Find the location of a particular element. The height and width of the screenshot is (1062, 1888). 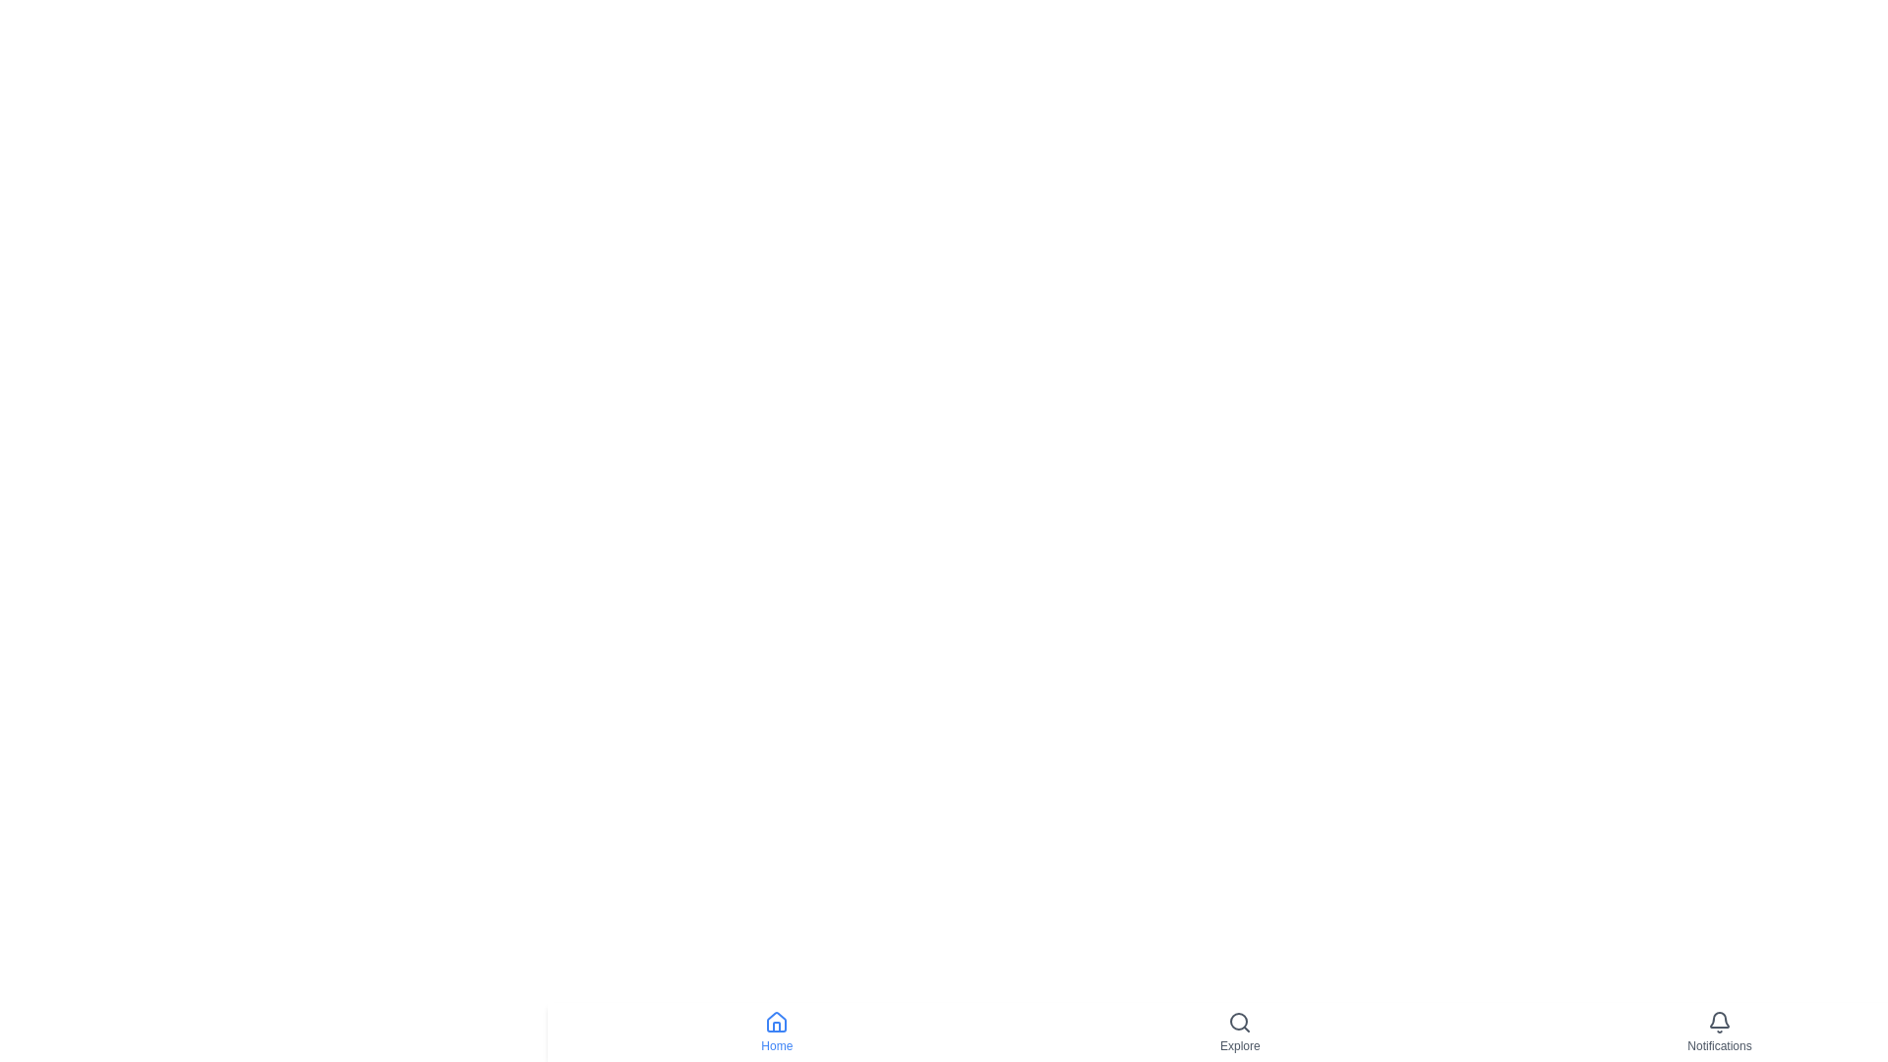

the Navigation button with a bell icon and 'Notifications' text, which is the third item in the bottom navigation bar is located at coordinates (1718, 1031).